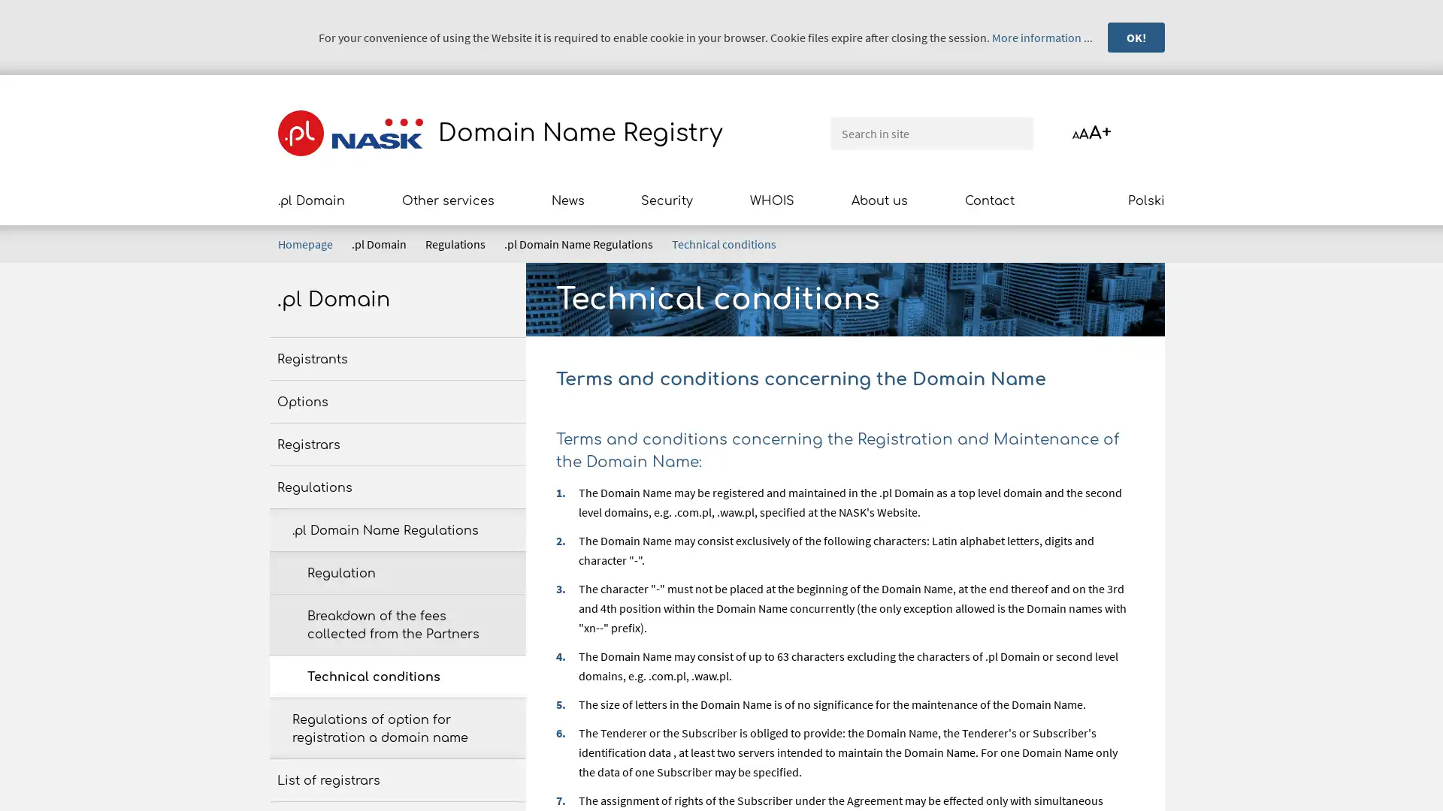 Image resolution: width=1443 pixels, height=811 pixels. What do you see at coordinates (1015, 132) in the screenshot?
I see `Search` at bounding box center [1015, 132].